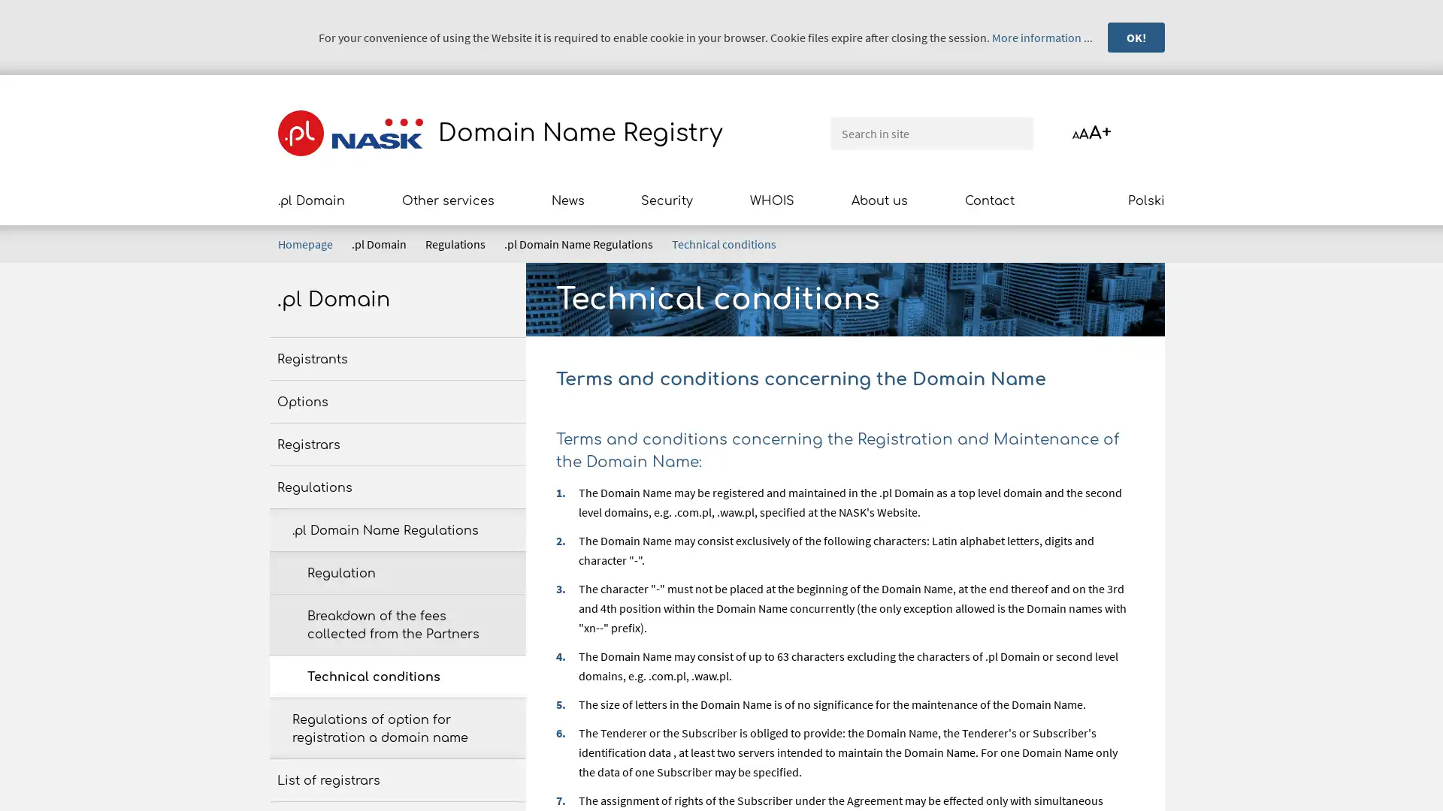 Image resolution: width=1443 pixels, height=811 pixels. What do you see at coordinates (1015, 132) in the screenshot?
I see `Search` at bounding box center [1015, 132].